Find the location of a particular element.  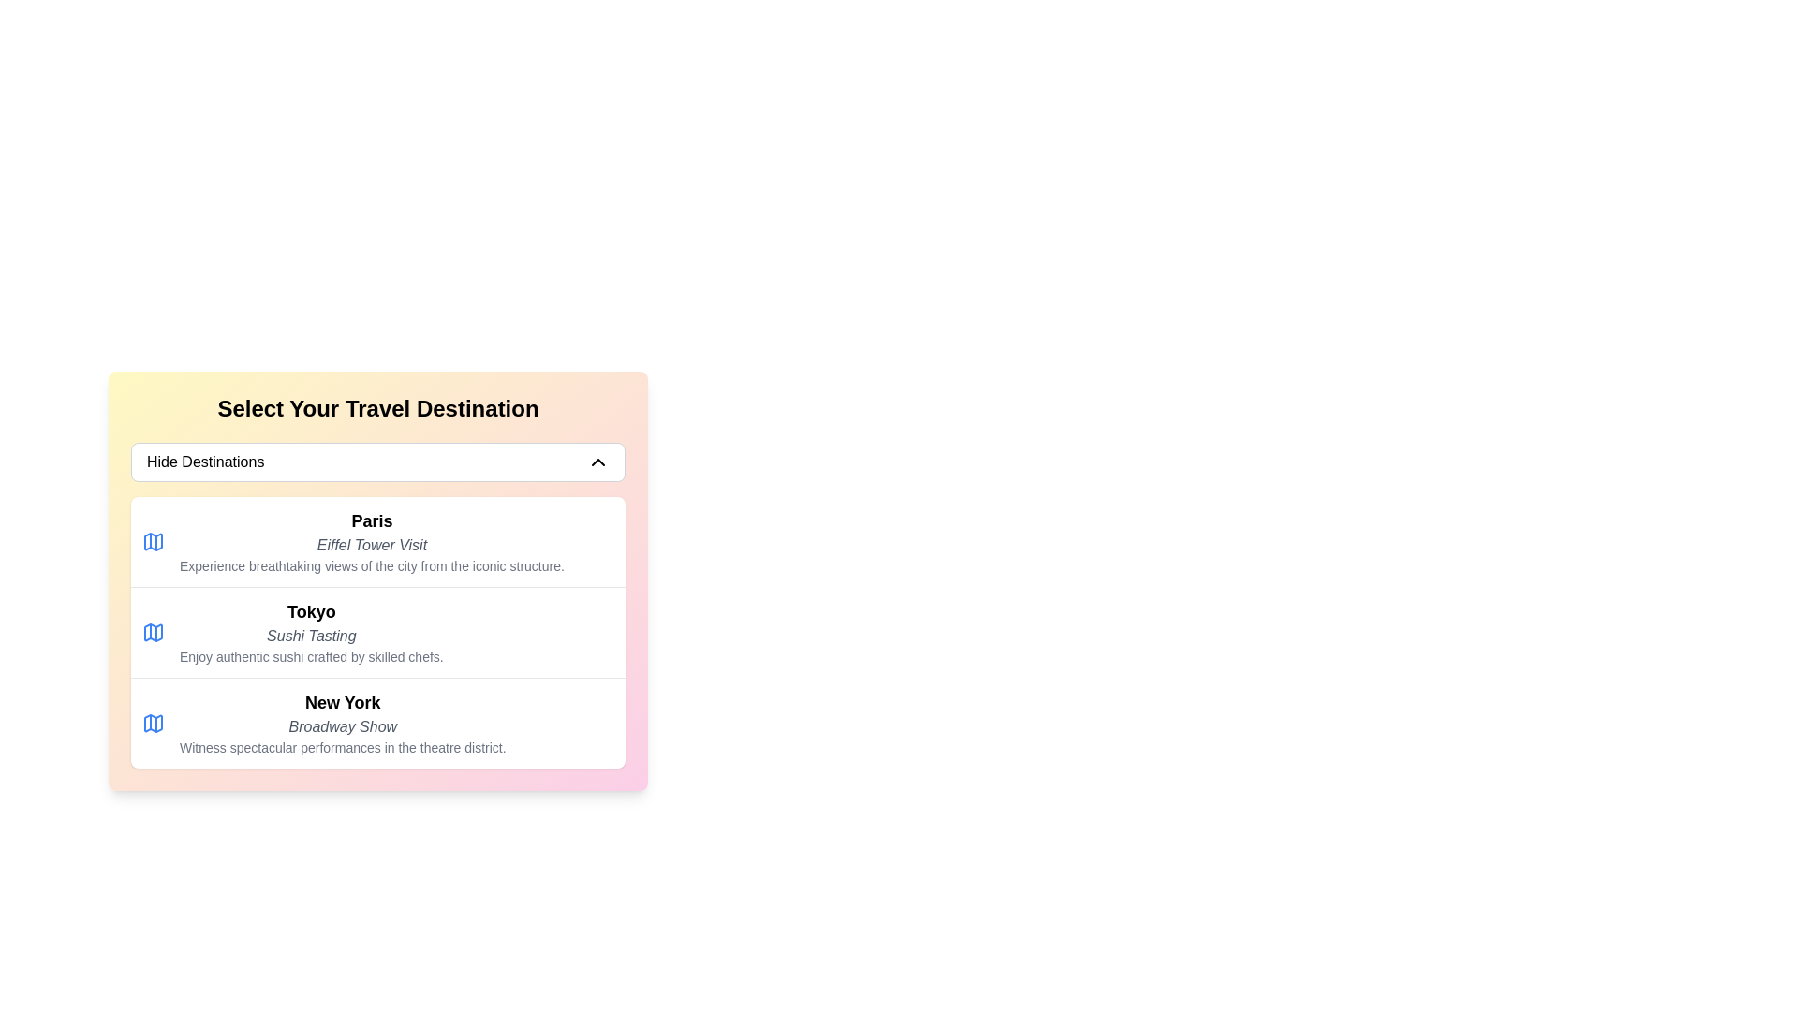

the informational block describing the travel destination Tokyo is located at coordinates (311, 632).